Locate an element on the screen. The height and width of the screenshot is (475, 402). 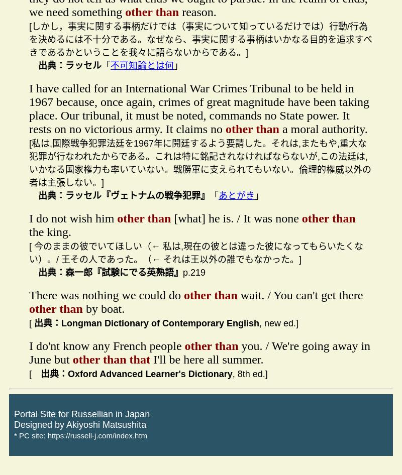
'[what] he is. / It was none' is located at coordinates (236, 217).